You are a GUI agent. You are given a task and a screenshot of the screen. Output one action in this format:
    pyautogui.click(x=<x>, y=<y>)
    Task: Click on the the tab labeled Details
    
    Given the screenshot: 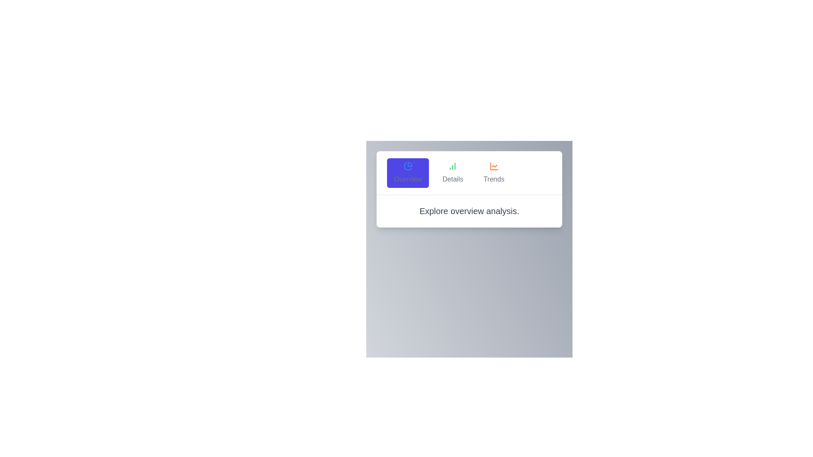 What is the action you would take?
    pyautogui.click(x=452, y=172)
    